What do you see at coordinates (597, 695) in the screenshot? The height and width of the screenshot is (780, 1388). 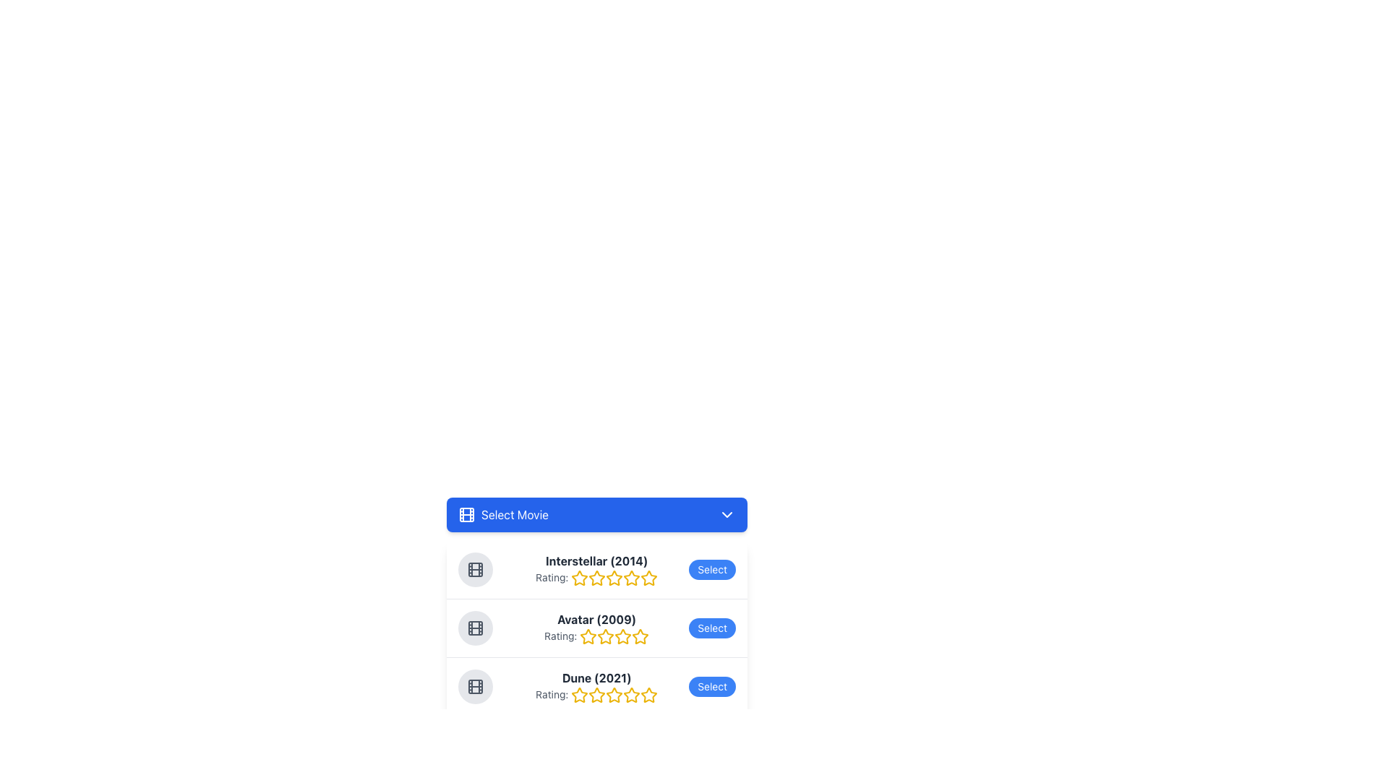 I see `the third rating star in the series of five stars for the movie 'Dune (2021)'` at bounding box center [597, 695].